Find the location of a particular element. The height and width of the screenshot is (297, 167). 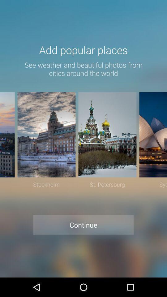

the continue item is located at coordinates (83, 225).